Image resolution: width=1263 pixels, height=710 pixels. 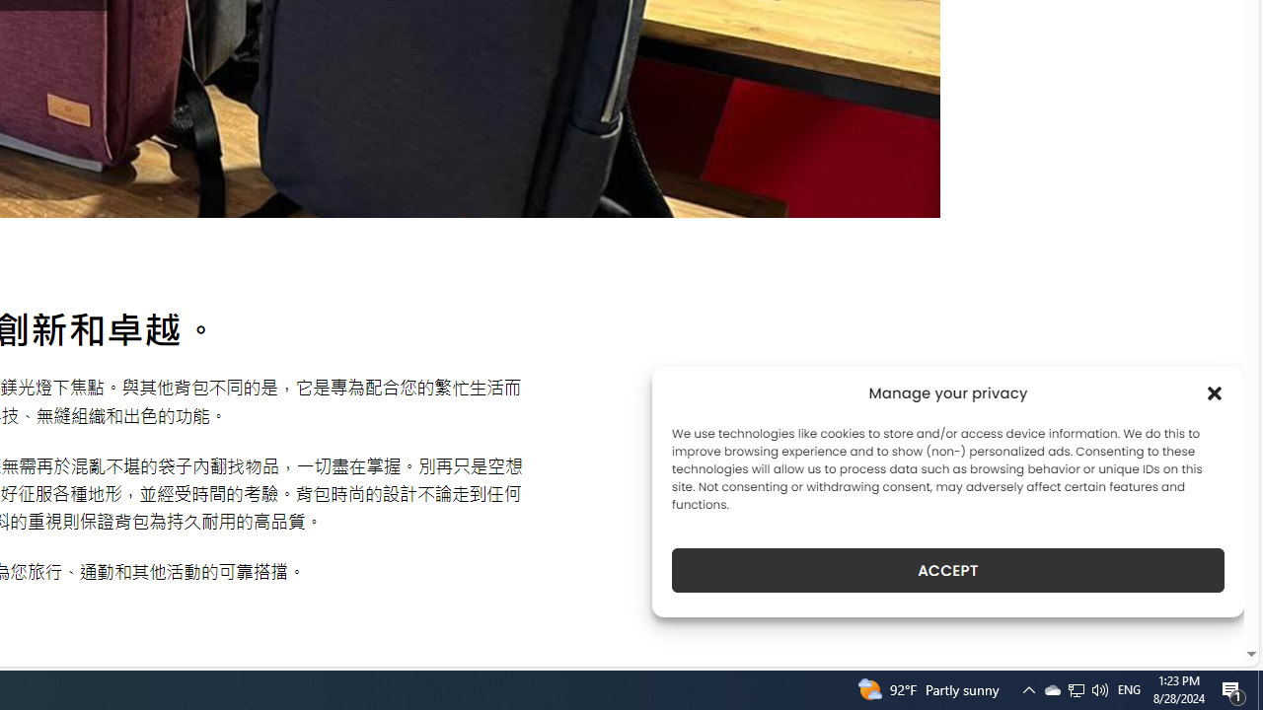 I want to click on 'Class: cmplz-close', so click(x=1214, y=392).